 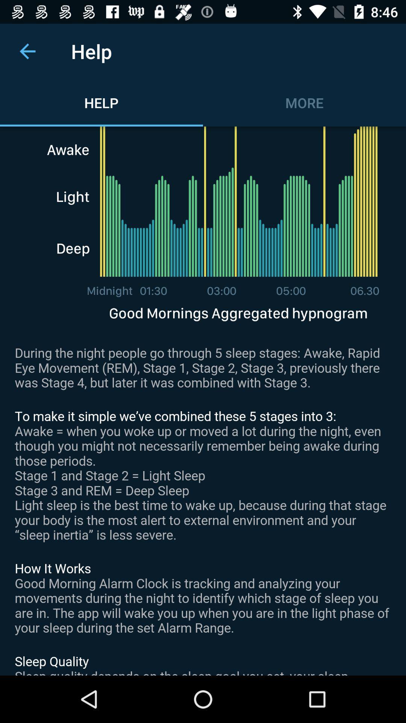 I want to click on advertisement page, so click(x=203, y=401).